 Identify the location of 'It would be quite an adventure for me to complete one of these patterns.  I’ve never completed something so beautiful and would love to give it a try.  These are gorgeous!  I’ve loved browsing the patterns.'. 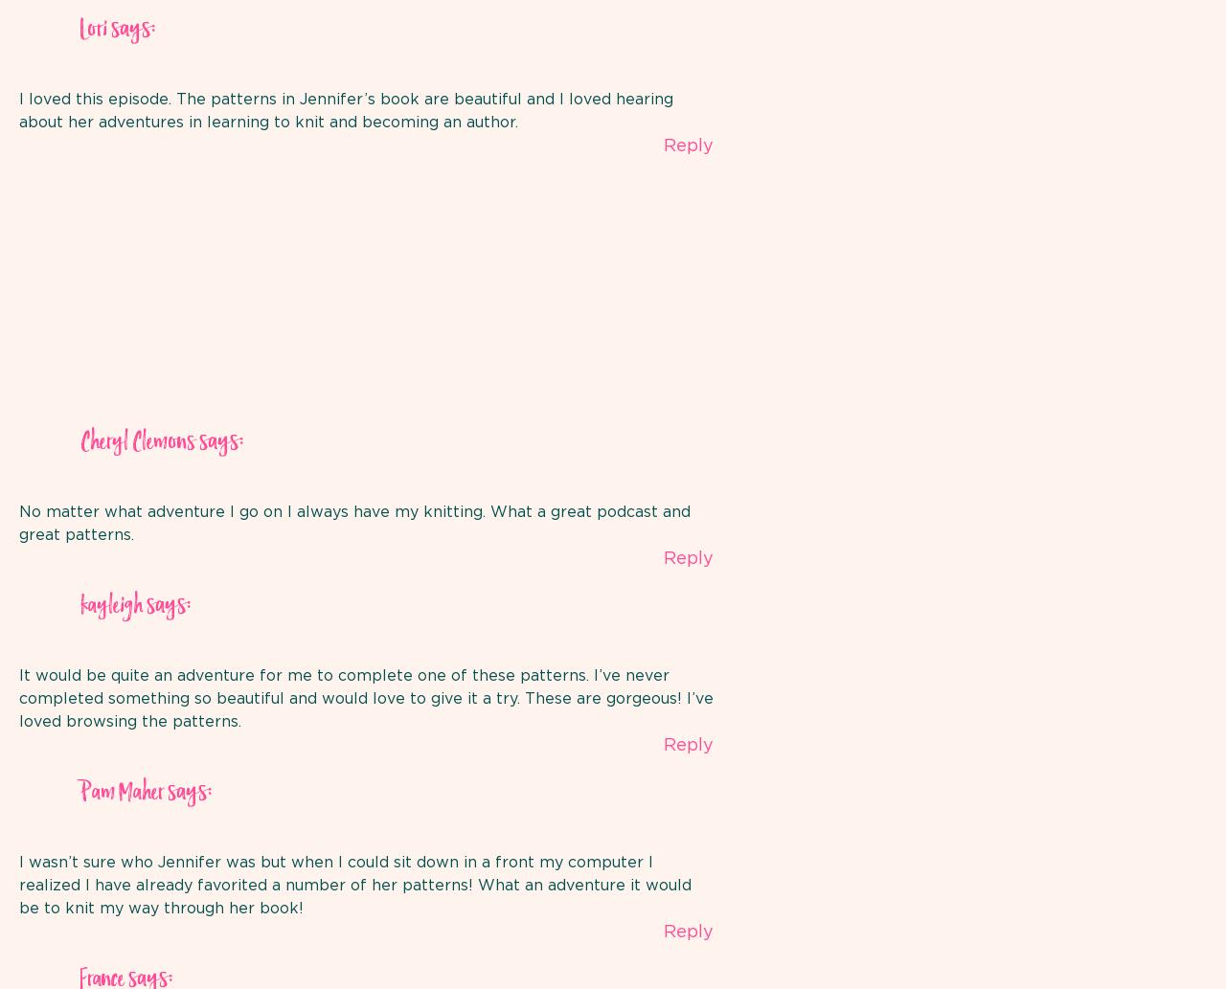
(366, 699).